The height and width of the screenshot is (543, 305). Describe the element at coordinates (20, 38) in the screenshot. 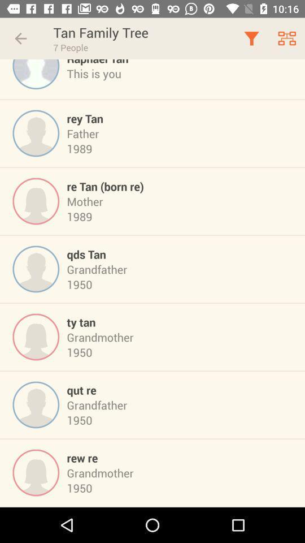

I see `item to the left of tan family tree item` at that location.